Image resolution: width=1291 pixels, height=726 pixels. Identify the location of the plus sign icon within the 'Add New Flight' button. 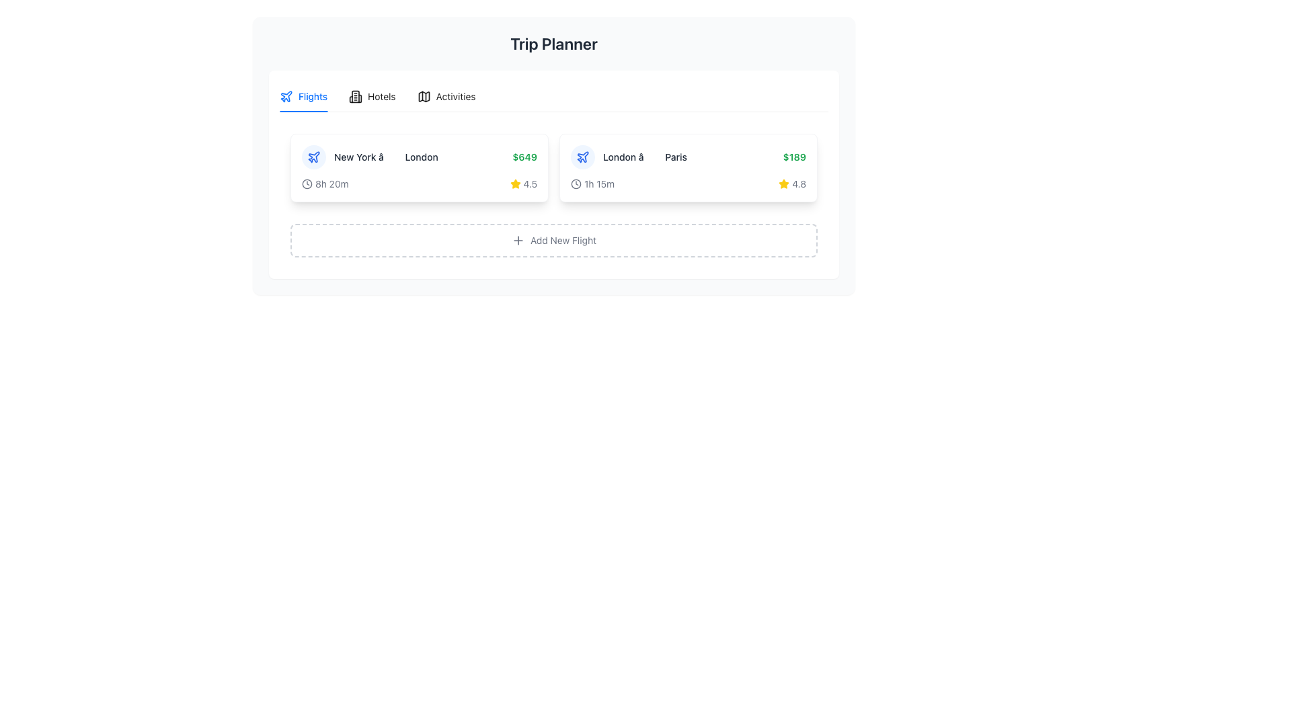
(517, 240).